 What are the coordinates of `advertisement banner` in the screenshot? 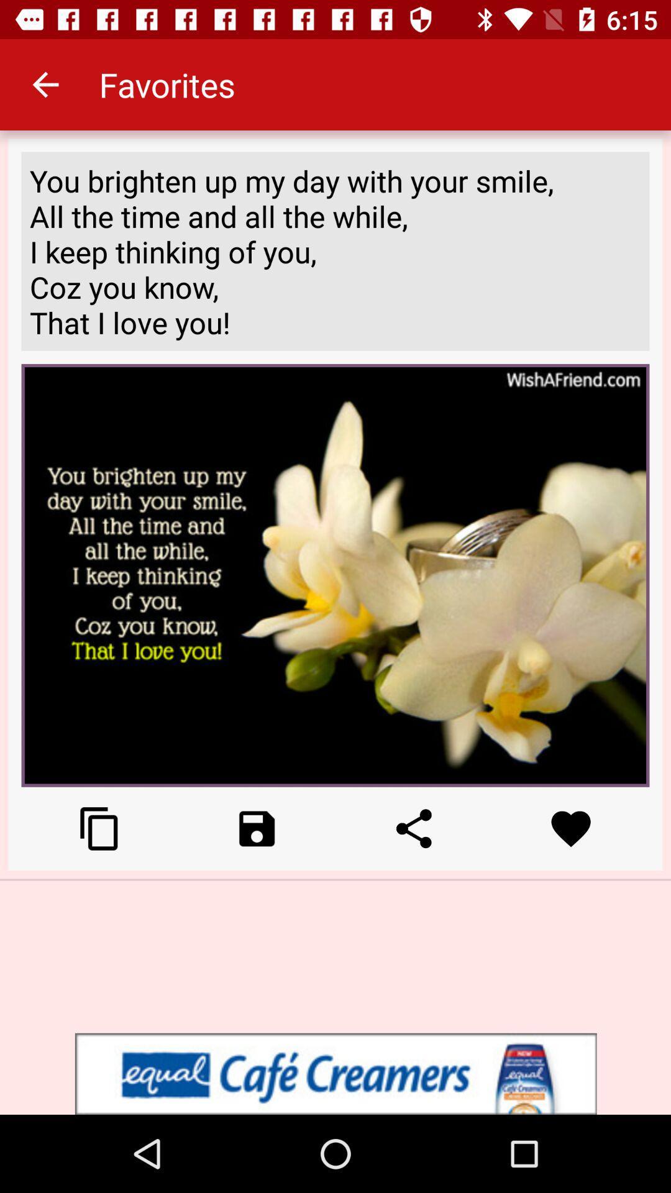 It's located at (335, 1073).